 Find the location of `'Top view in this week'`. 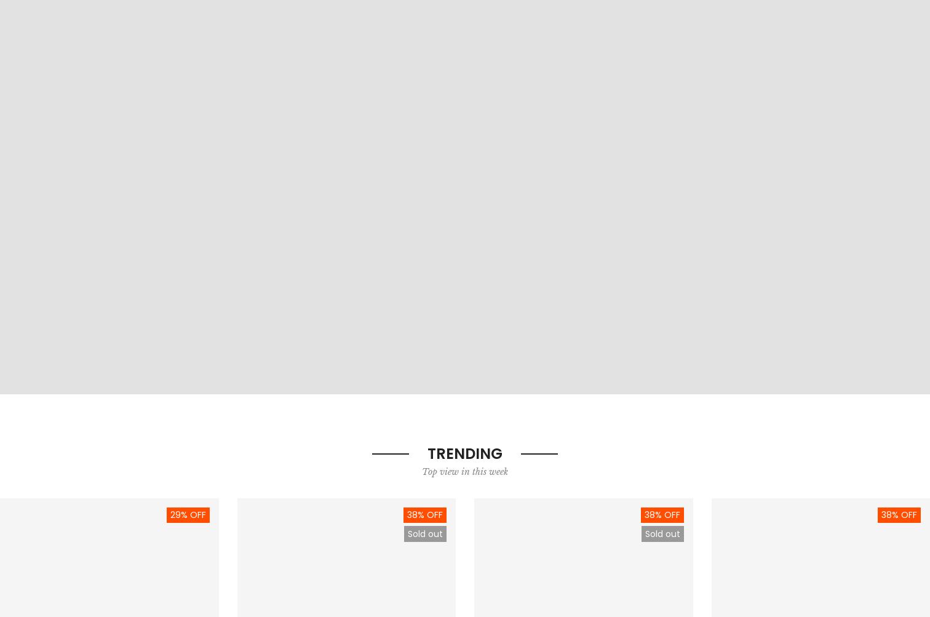

'Top view in this week' is located at coordinates (465, 471).